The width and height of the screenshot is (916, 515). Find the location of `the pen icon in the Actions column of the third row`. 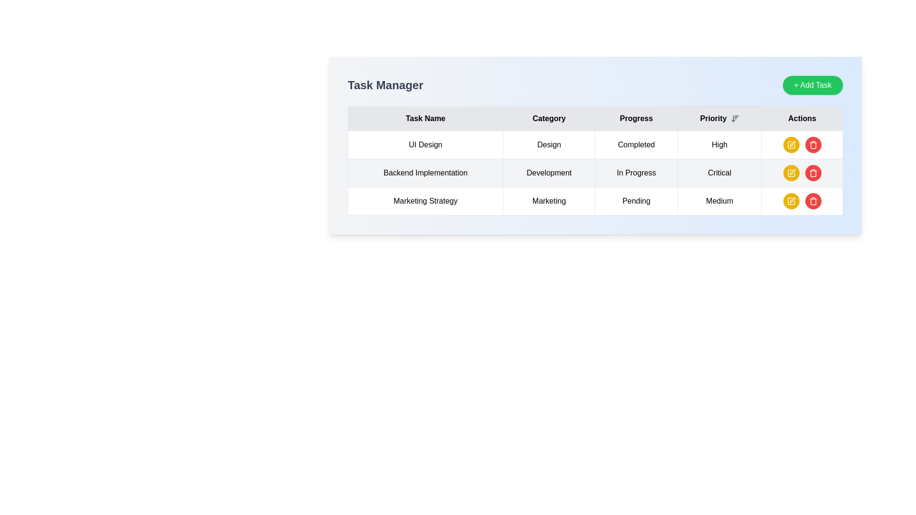

the pen icon in the Actions column of the third row is located at coordinates (792, 144).